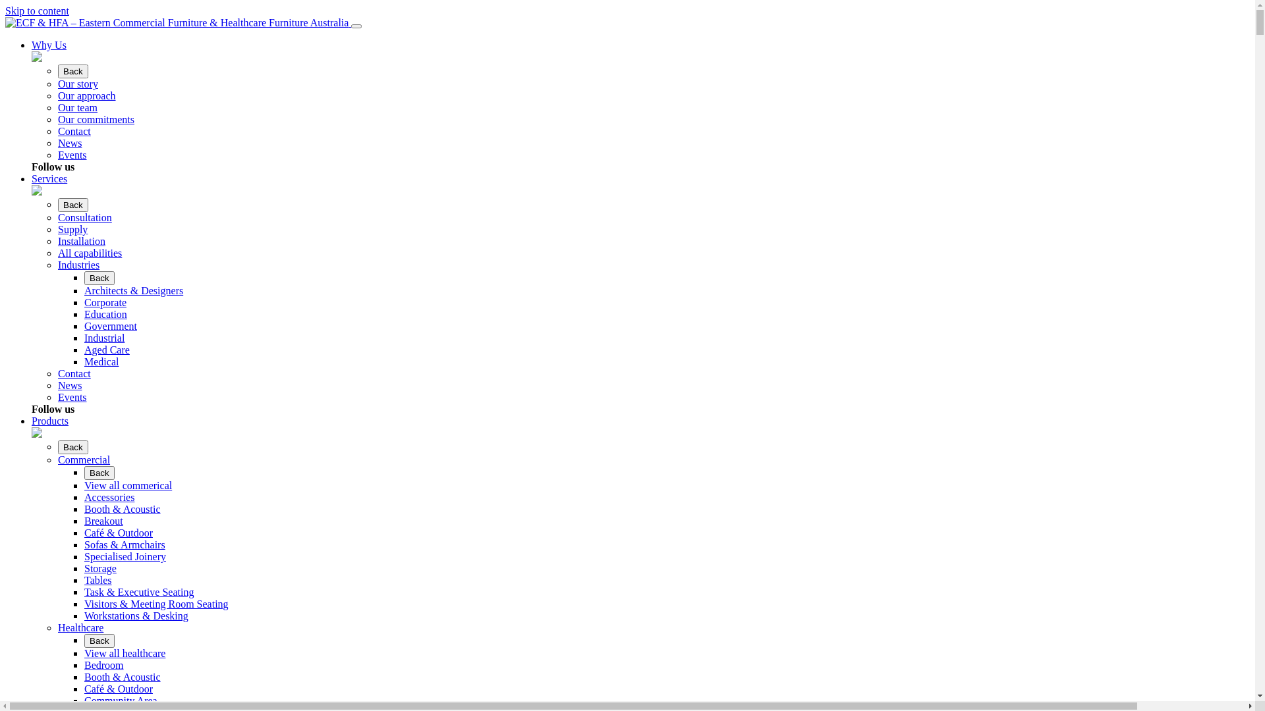 This screenshot has width=1265, height=711. Describe the element at coordinates (57, 228) in the screenshot. I see `'Supply'` at that location.